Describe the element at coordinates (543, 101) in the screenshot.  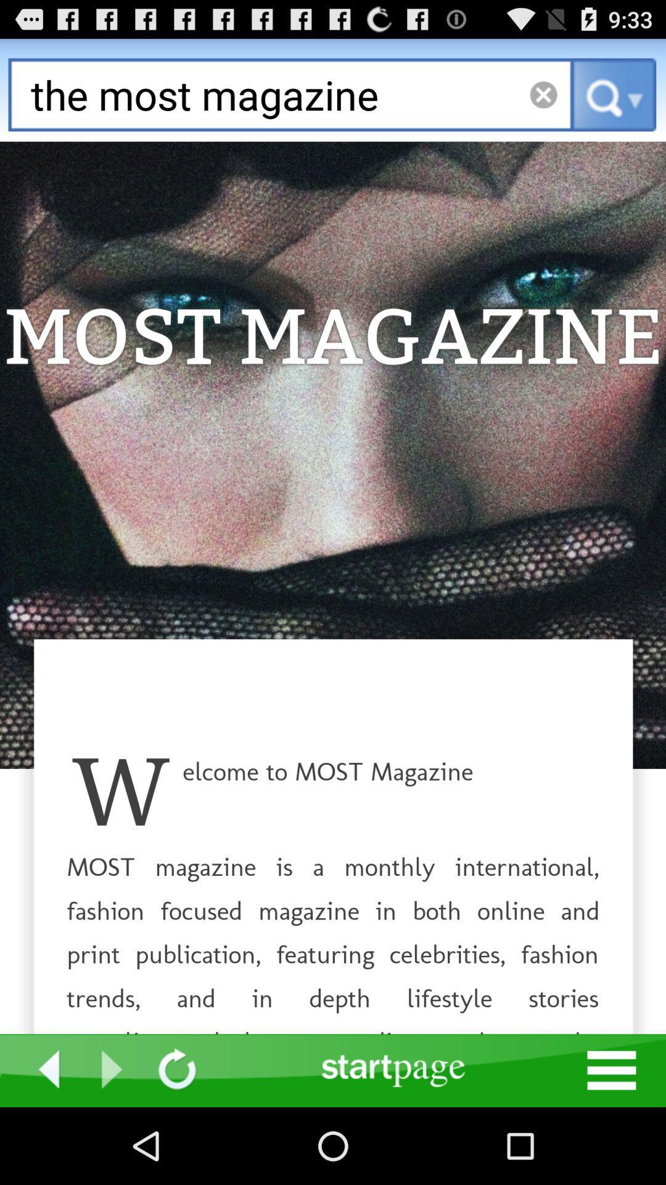
I see `the close icon` at that location.